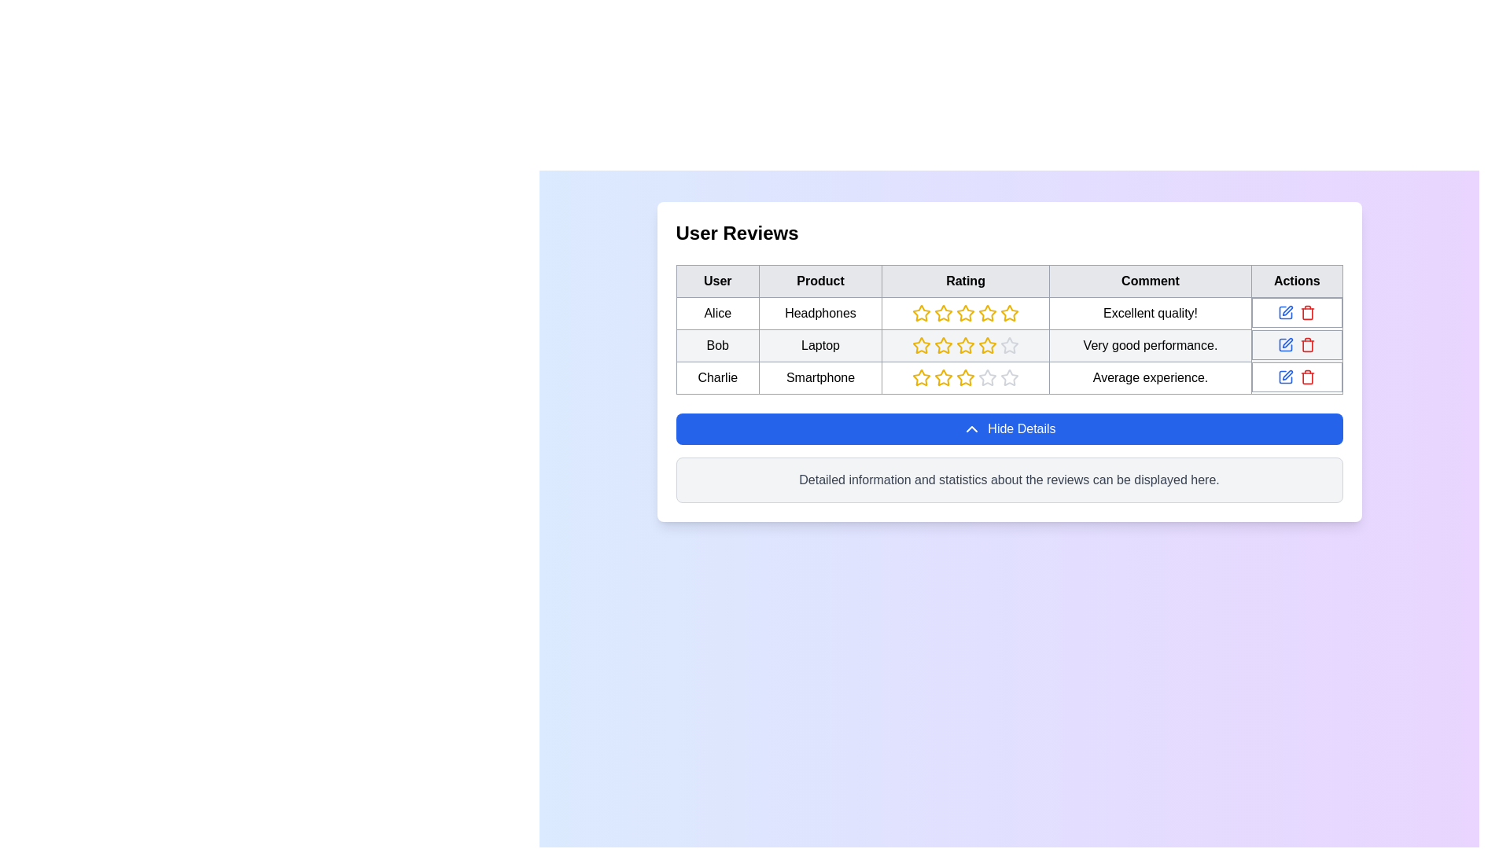 This screenshot has height=849, width=1510. Describe the element at coordinates (1308, 344) in the screenshot. I see `the delete button located in the last column of the second row of the actions column in the table` at that location.